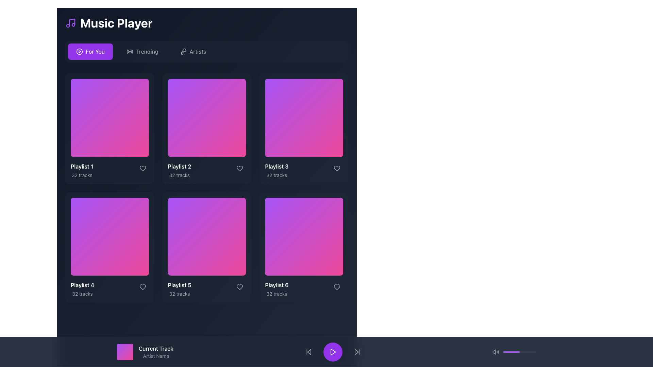 Image resolution: width=653 pixels, height=367 pixels. I want to click on the text label '32 tracks' styled in gray color, which is located below the title 'Playlist 6' within the card layout of the music player interface, so click(277, 294).